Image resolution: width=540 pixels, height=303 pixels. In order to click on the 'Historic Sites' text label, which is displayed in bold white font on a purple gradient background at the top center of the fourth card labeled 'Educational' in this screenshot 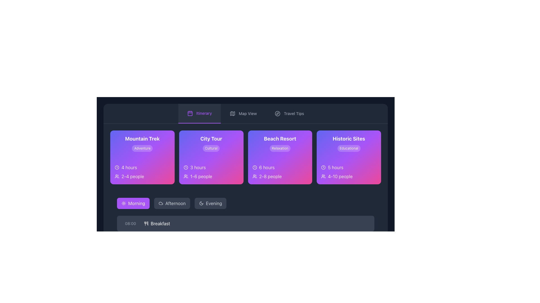, I will do `click(348, 139)`.